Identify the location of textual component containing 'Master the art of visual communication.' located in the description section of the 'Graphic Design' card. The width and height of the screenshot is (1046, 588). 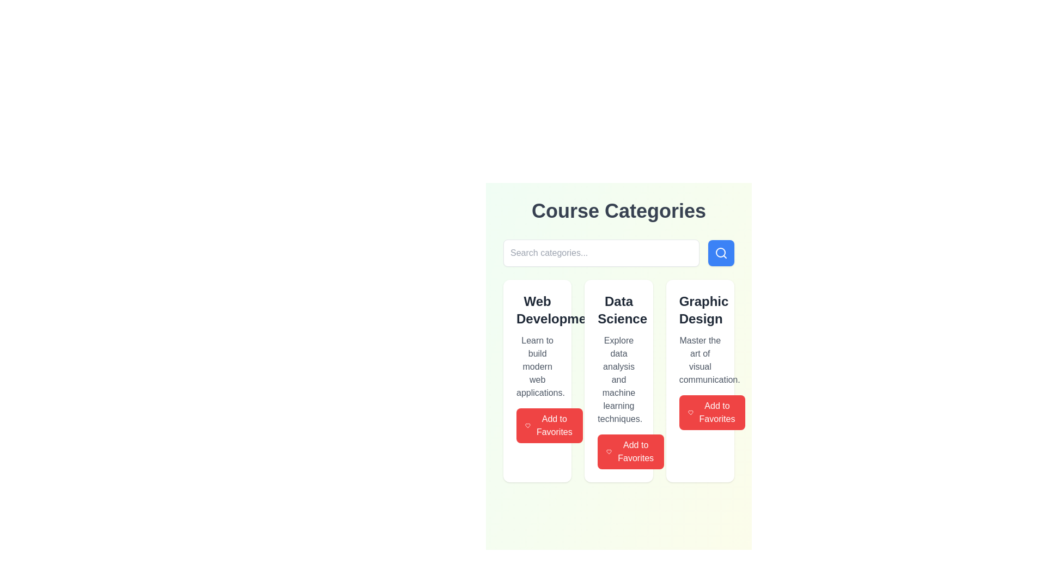
(700, 360).